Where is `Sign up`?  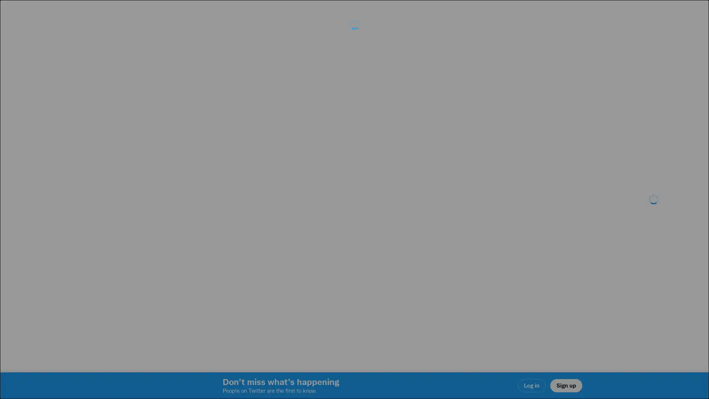 Sign up is located at coordinates (267, 252).